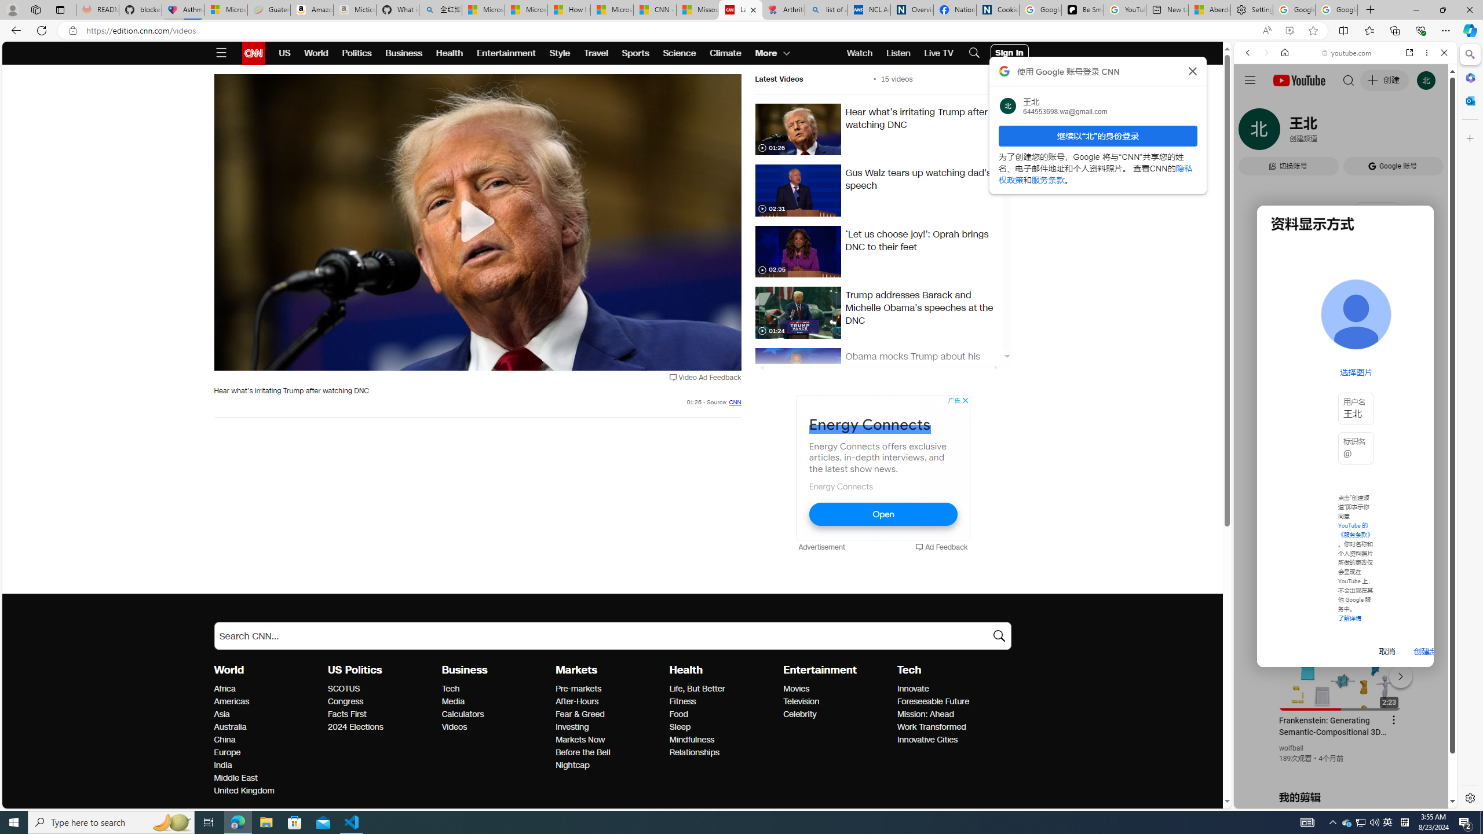  Describe the element at coordinates (578, 688) in the screenshot. I see `'Markets Pre-markets'` at that location.